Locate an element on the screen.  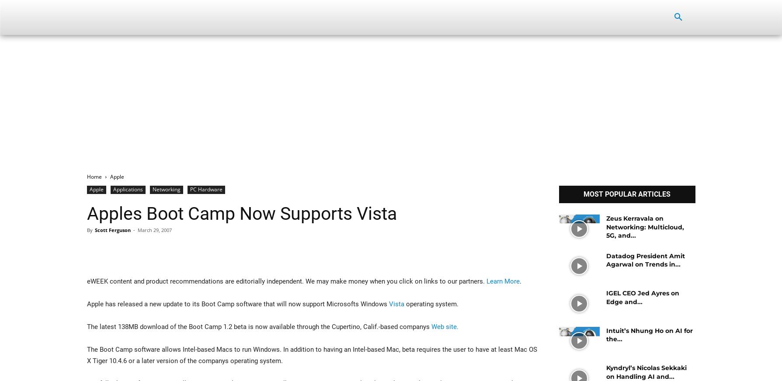
'PC Hardware' is located at coordinates (189, 189).